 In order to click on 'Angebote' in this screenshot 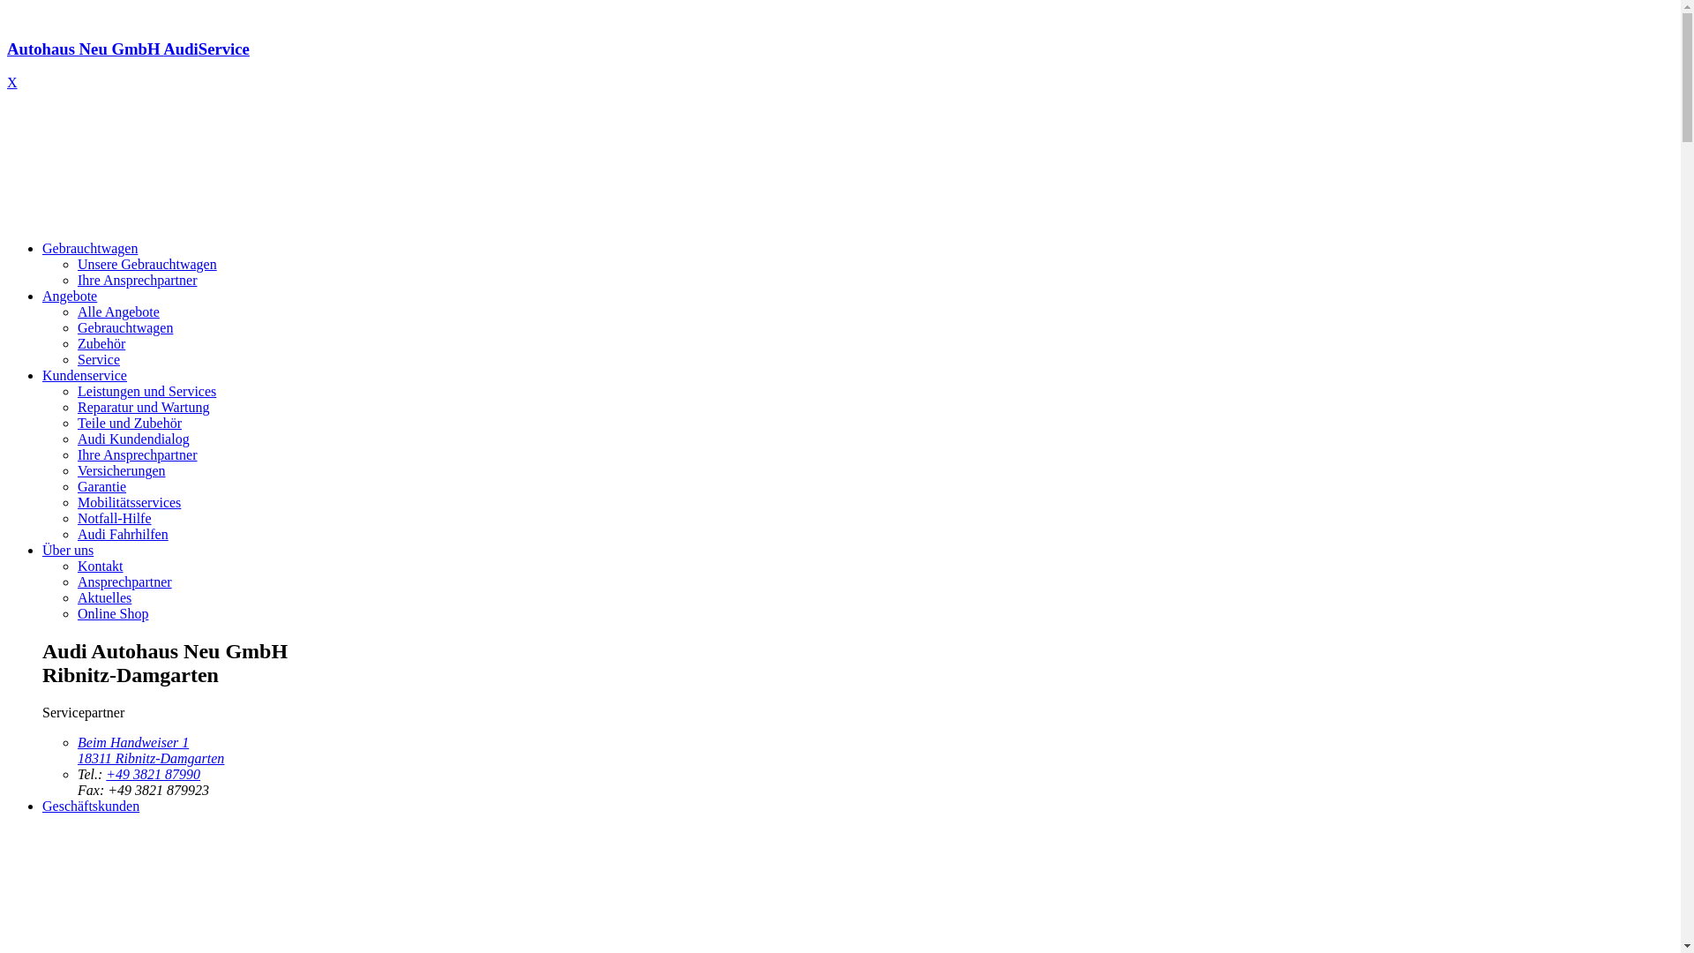, I will do `click(42, 295)`.